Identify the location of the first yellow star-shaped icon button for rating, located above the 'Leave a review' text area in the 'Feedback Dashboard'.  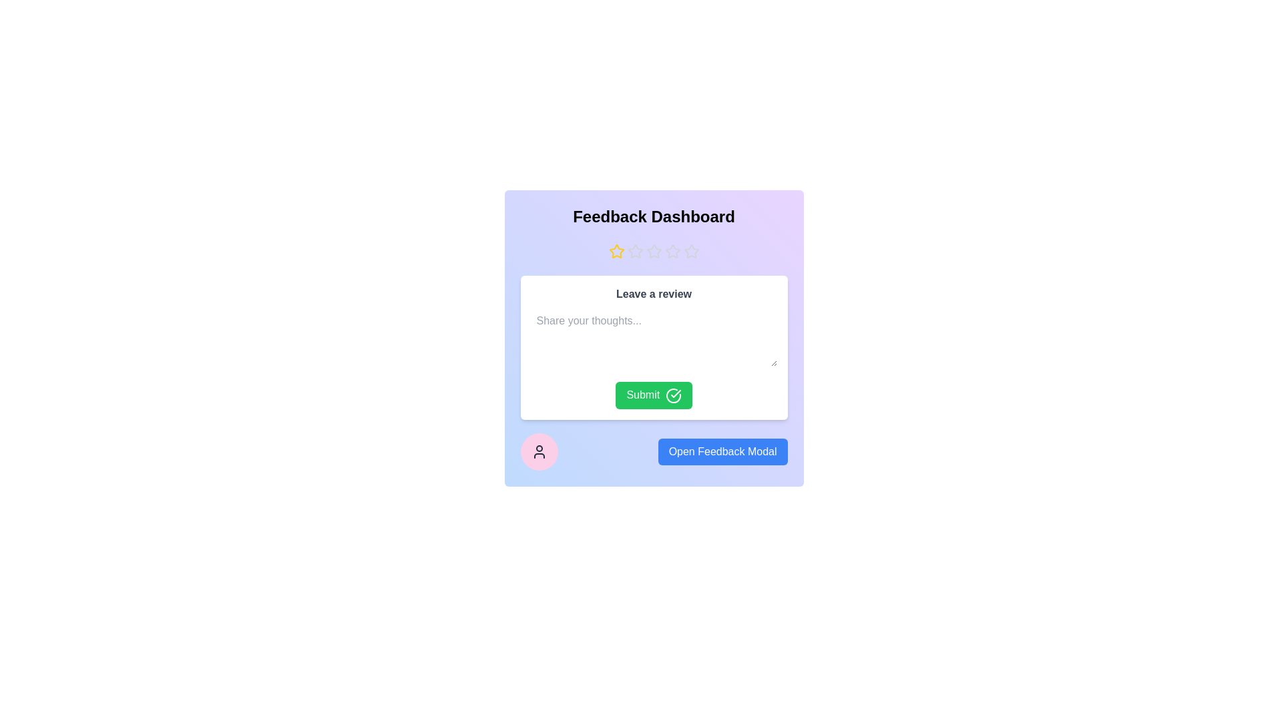
(616, 252).